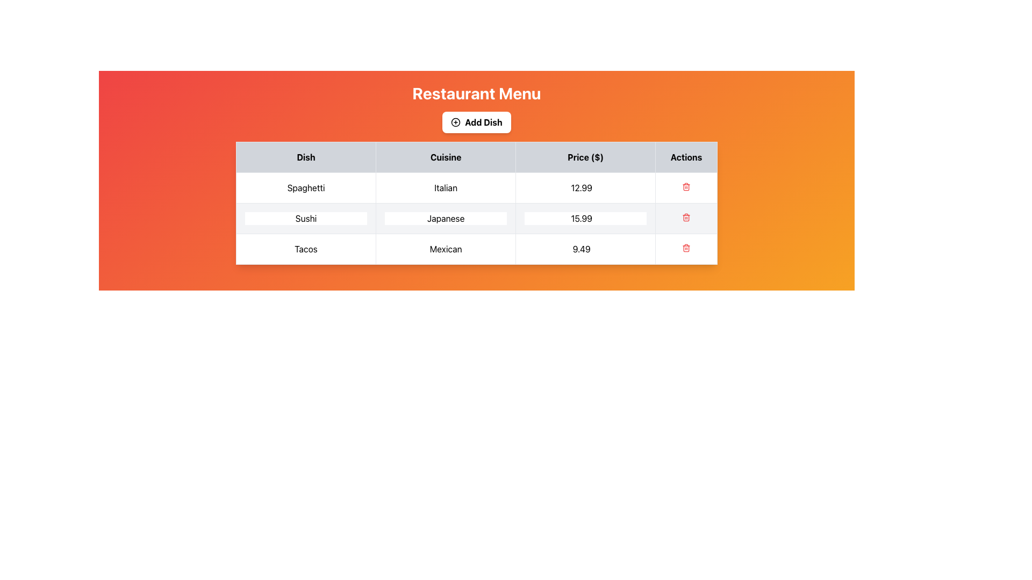 This screenshot has height=580, width=1032. I want to click on the compact trash icon delete button in the 'Actions' column of the row for 'Sushi' and 'Japanese' in the table, so click(686, 218).